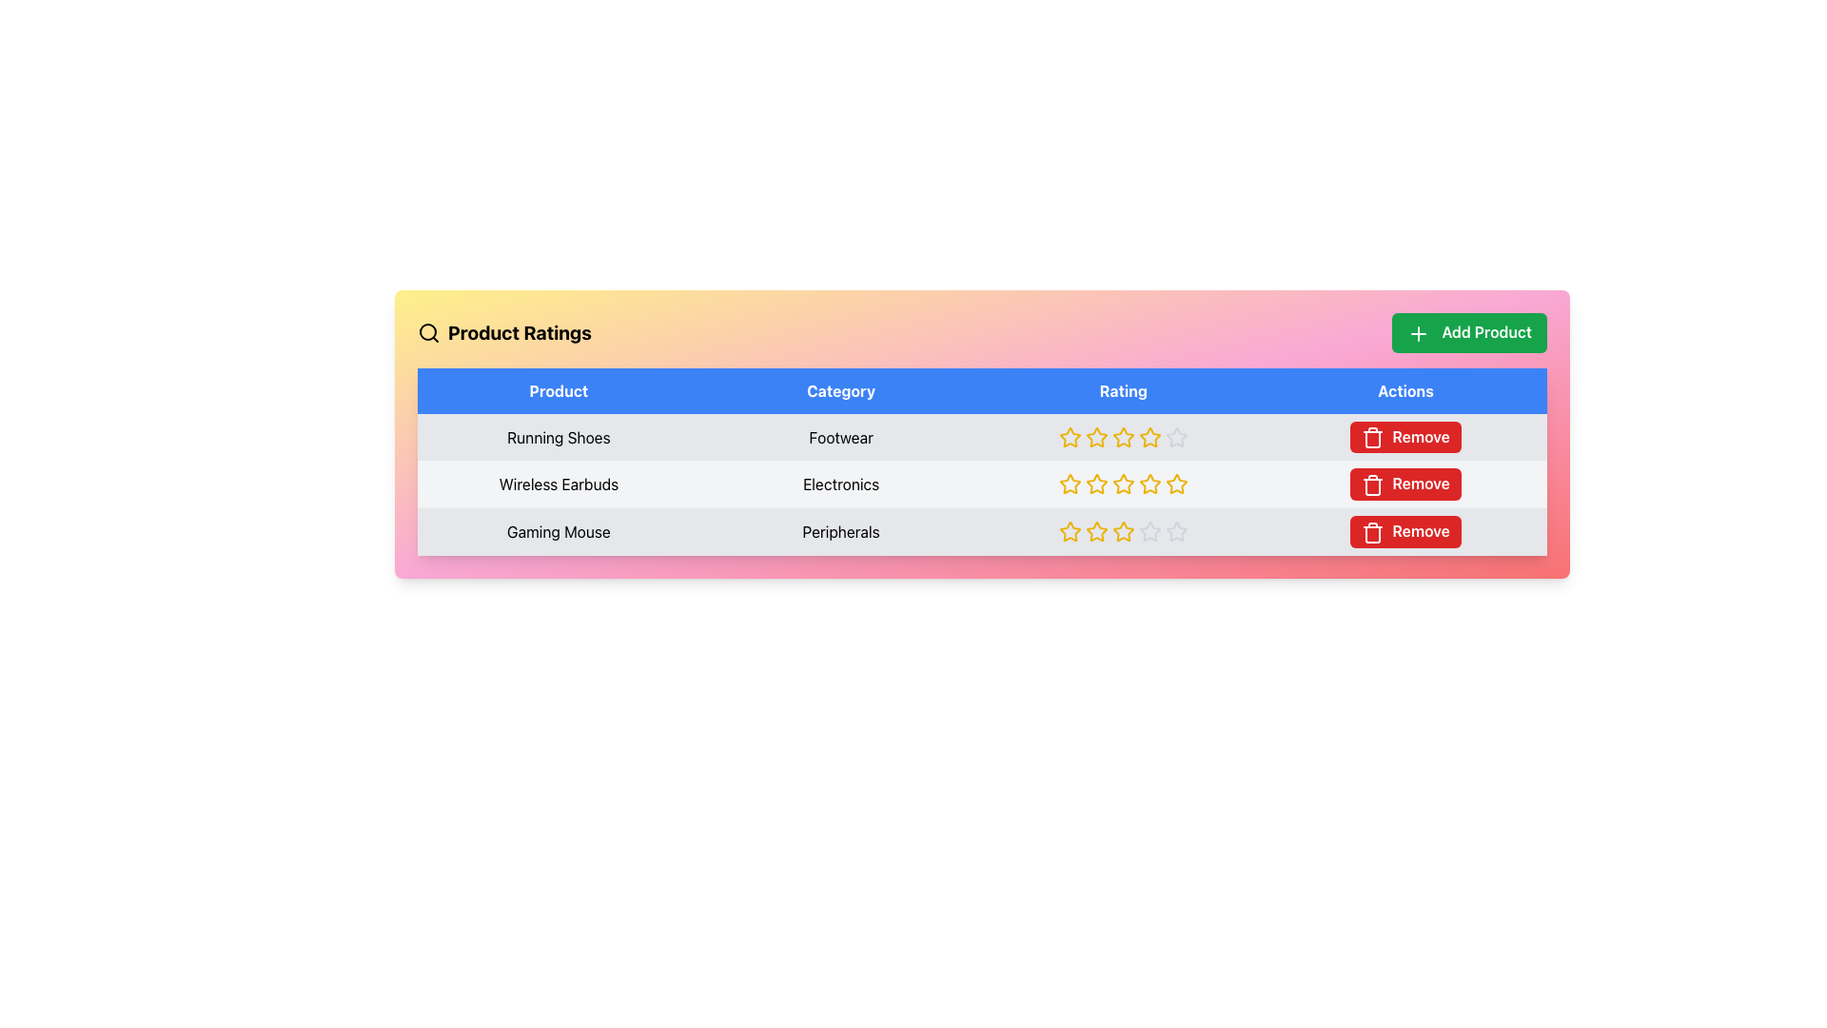  Describe the element at coordinates (1149, 532) in the screenshot. I see `the fifth star in the rating graphic for the 'Gaming Mouse' item to assign a rating` at that location.